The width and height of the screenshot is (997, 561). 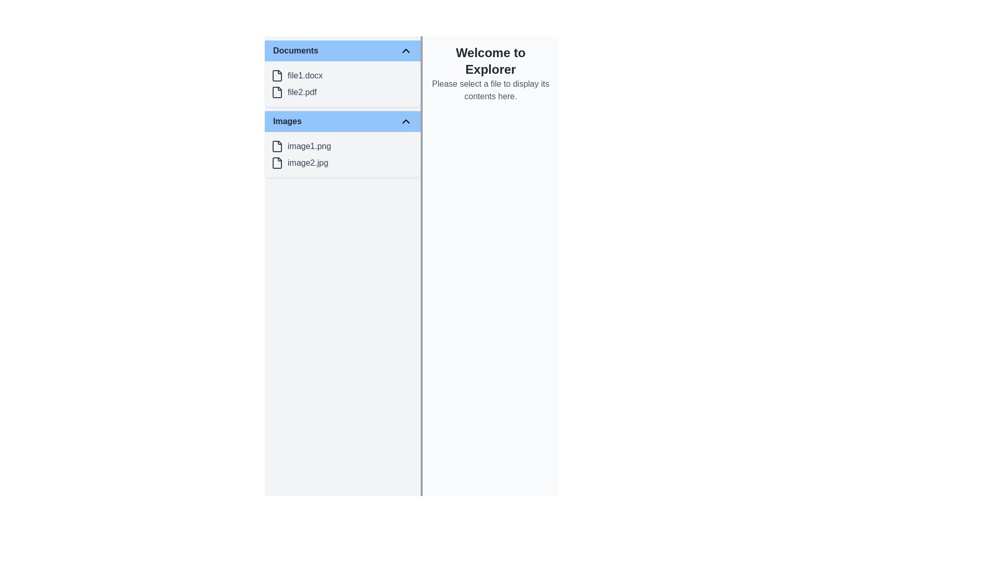 I want to click on the chevron-up icon button located to the right of the 'Images' text in the header section of the 'Images' folder block, so click(x=406, y=121).